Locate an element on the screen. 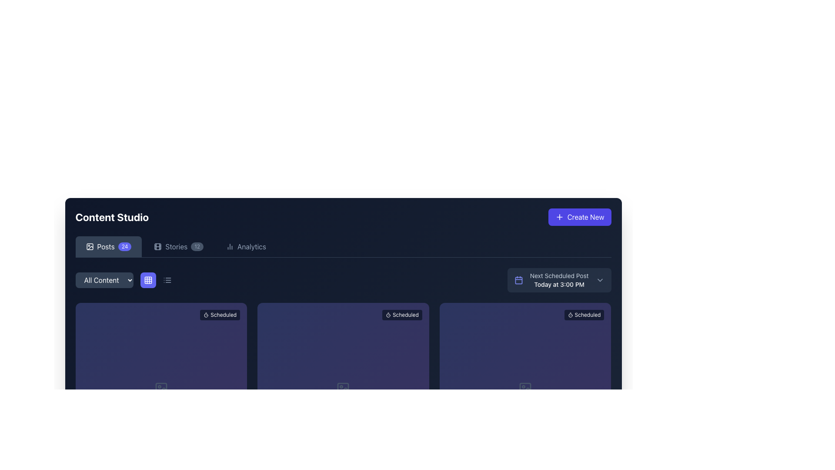 This screenshot has height=470, width=835. the 'Create New' button by moving the cursor to the center of the plus icon located at the top-right corner of the interface is located at coordinates (559, 216).